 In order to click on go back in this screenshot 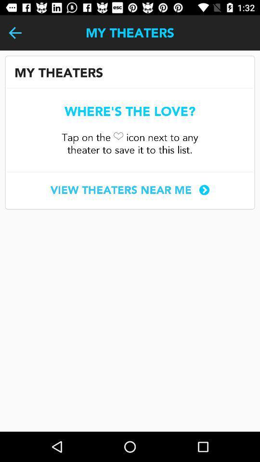, I will do `click(14, 33)`.